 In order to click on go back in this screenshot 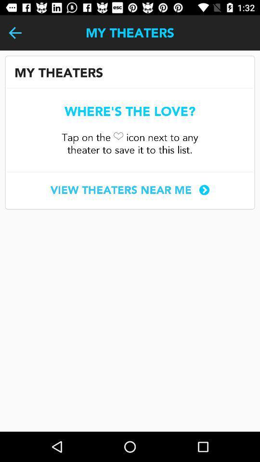, I will do `click(14, 33)`.